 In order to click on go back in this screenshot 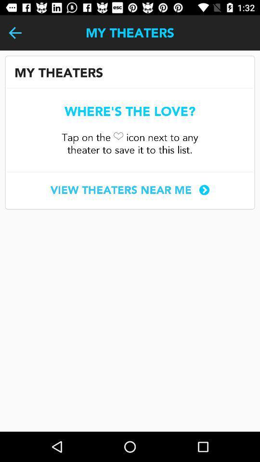, I will do `click(14, 33)`.